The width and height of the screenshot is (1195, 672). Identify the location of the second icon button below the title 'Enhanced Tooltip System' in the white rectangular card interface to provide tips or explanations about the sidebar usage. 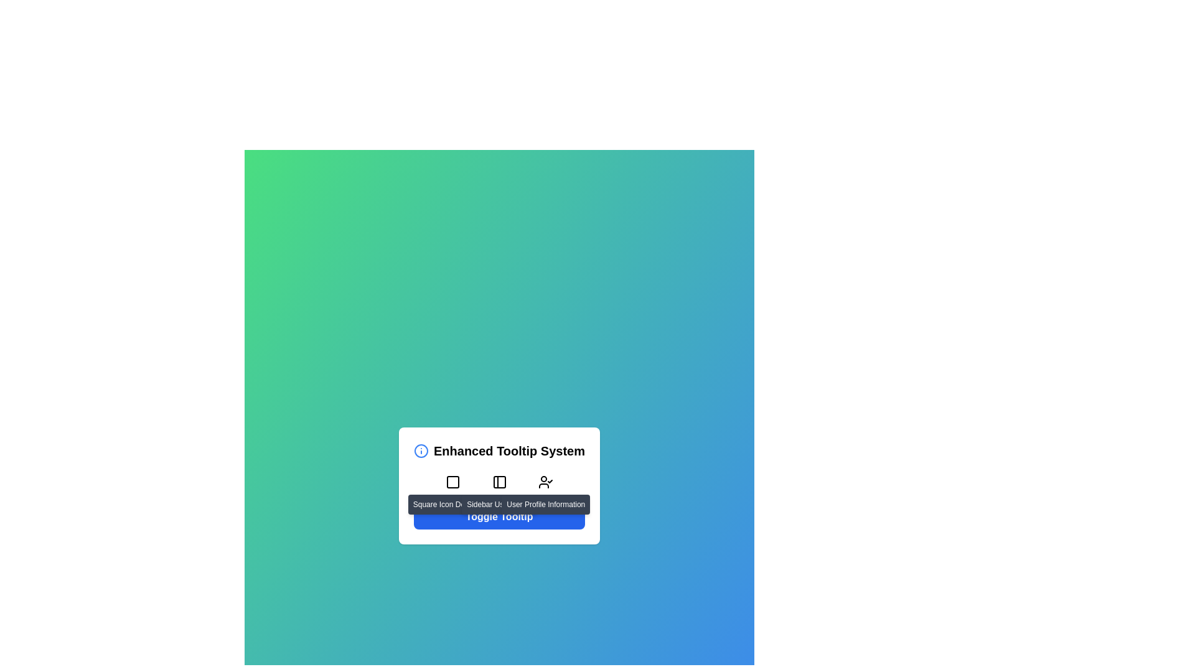
(499, 482).